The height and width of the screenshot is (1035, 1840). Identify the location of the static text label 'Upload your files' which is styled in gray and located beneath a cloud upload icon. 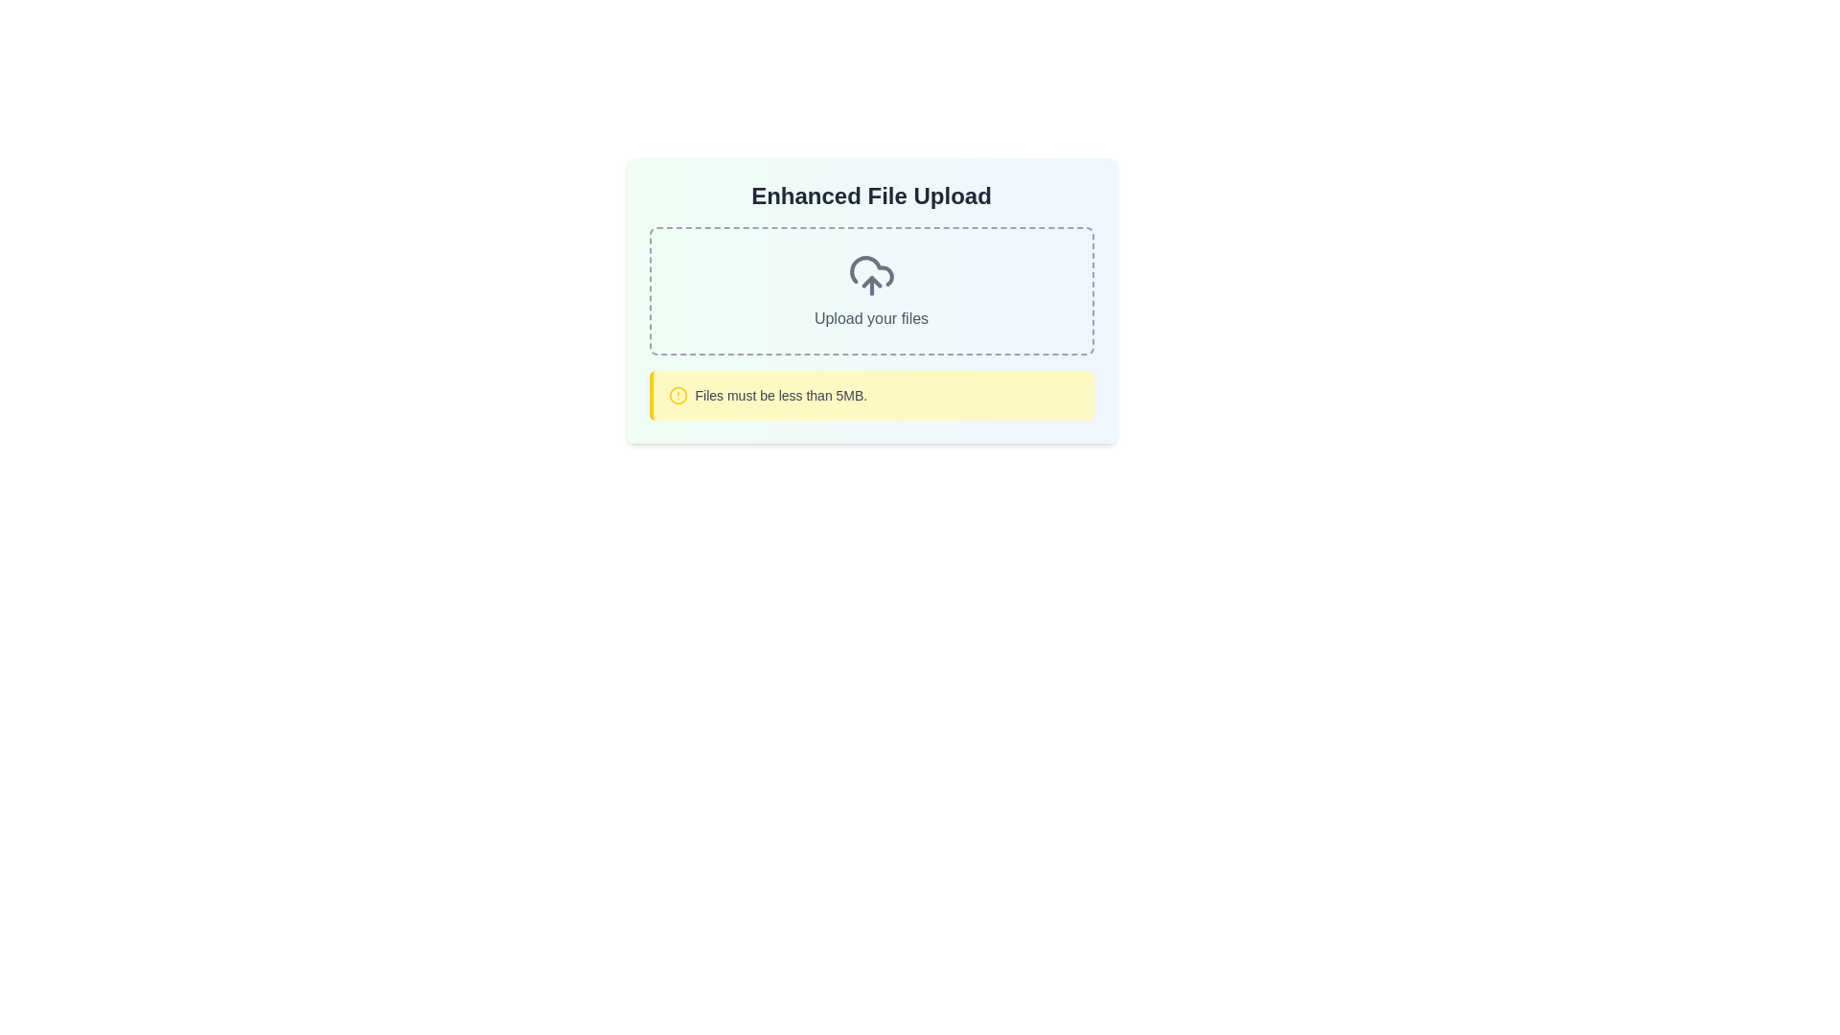
(870, 317).